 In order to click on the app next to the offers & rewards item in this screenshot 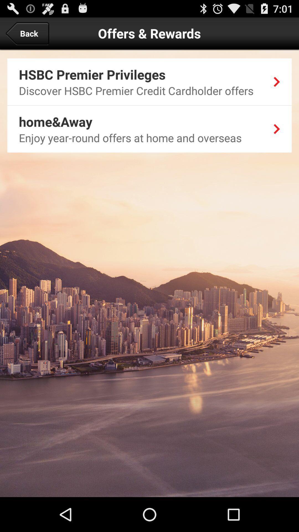, I will do `click(27, 33)`.